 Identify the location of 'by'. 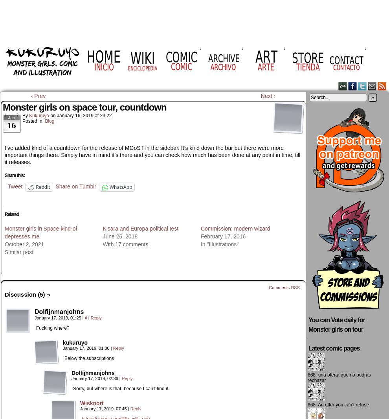
(26, 115).